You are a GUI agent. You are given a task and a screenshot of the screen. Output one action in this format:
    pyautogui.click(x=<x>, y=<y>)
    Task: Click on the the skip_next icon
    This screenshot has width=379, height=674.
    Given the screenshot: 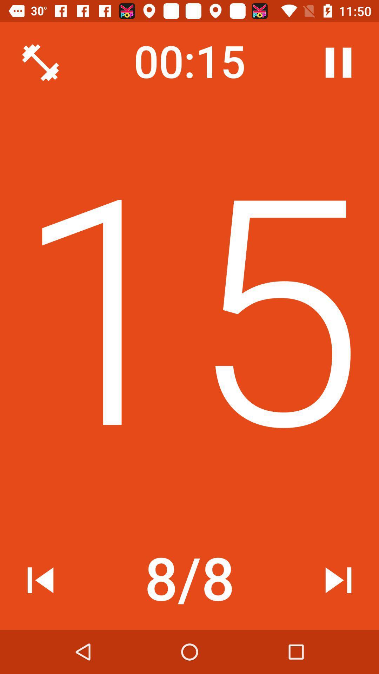 What is the action you would take?
    pyautogui.click(x=338, y=580)
    